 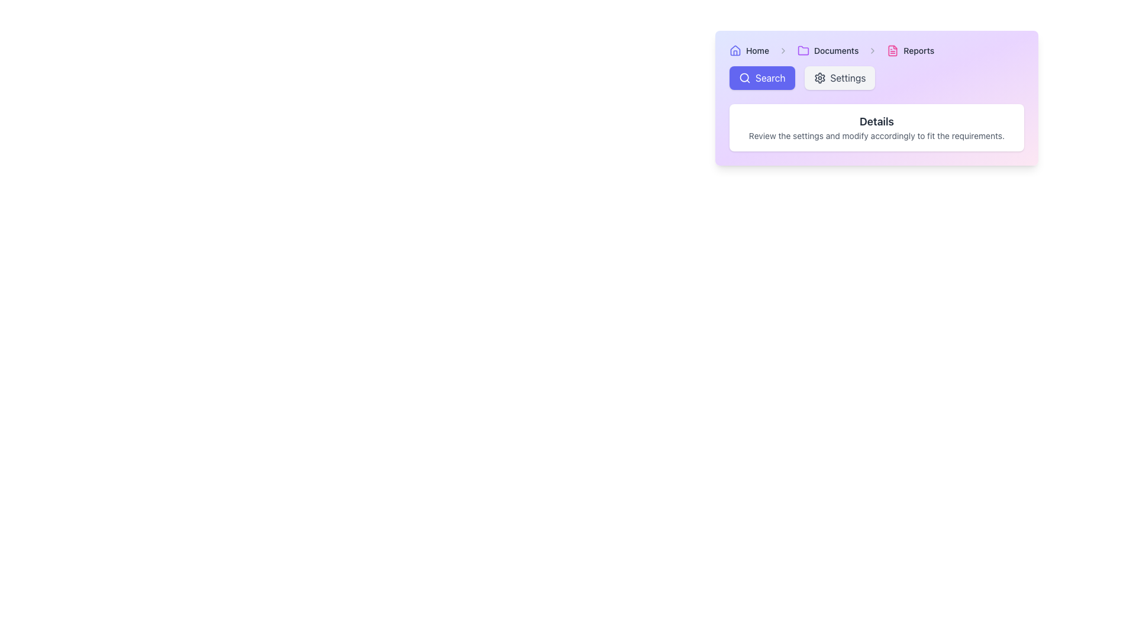 What do you see at coordinates (761, 78) in the screenshot?
I see `the 'Search' button located in the upper-right section of the interface, which has a rounded rectangular shape with indigo background and white text` at bounding box center [761, 78].